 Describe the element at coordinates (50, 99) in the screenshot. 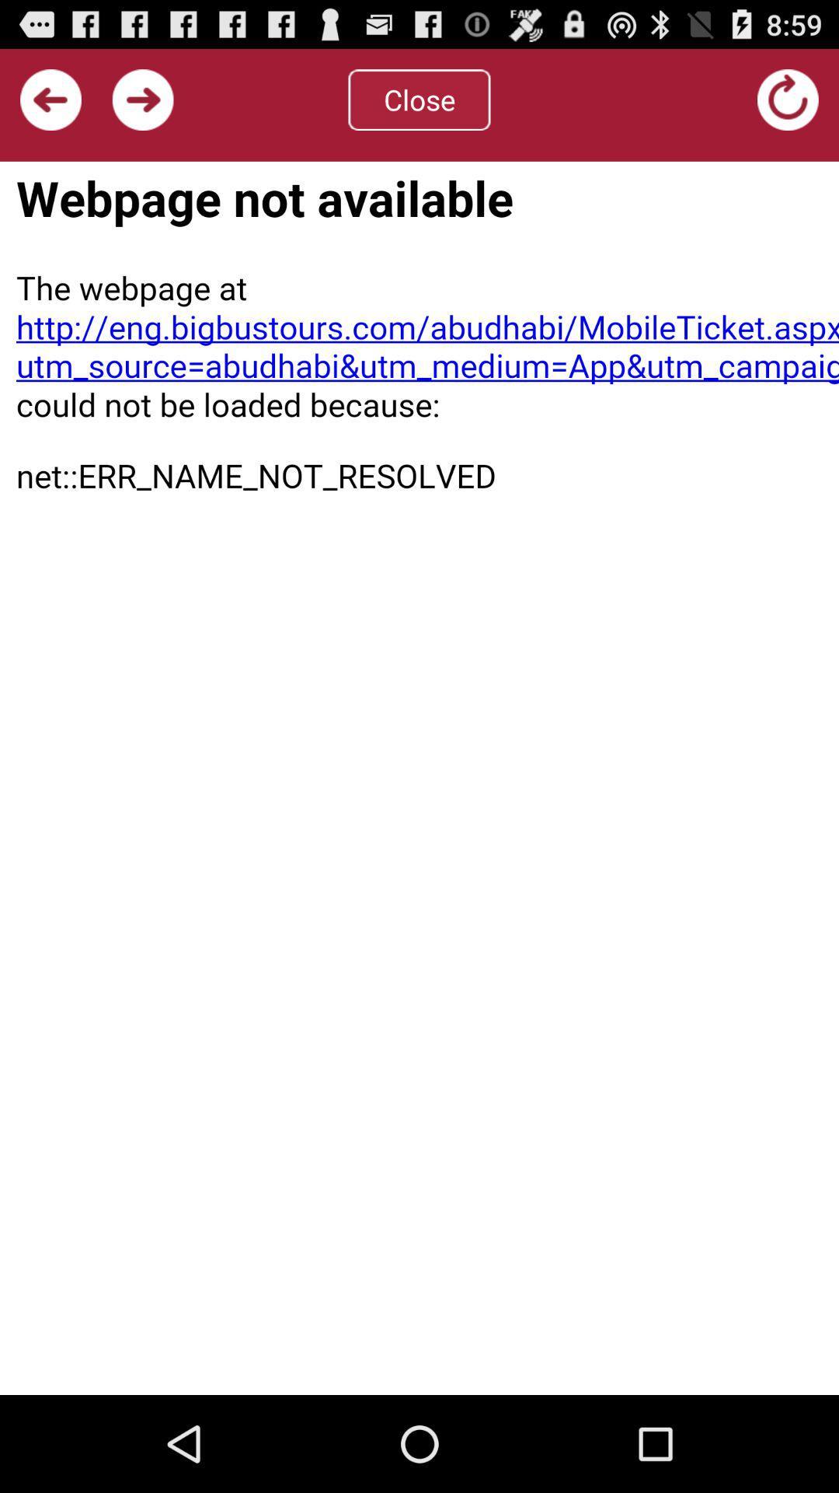

I see `previous` at that location.